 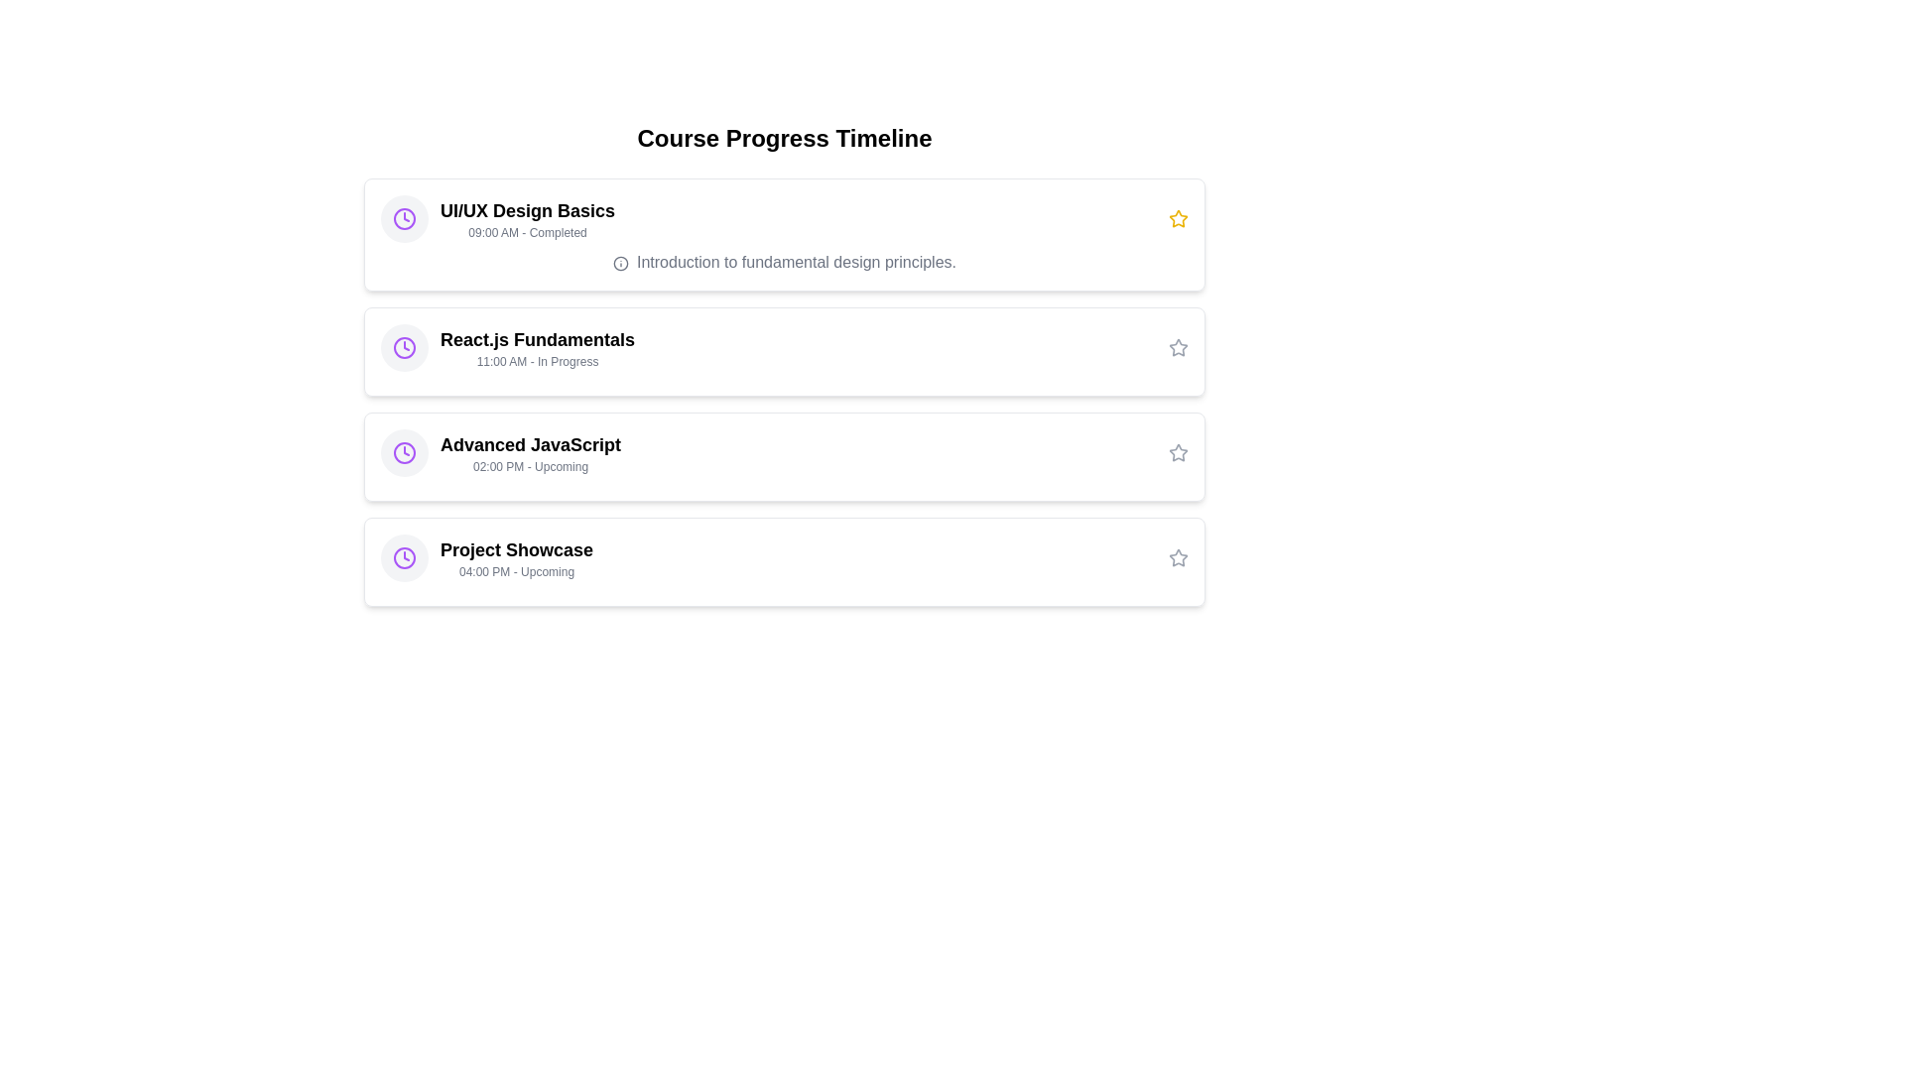 I want to click on the Schedule Item Card titled 'Advanced JavaScript', which is the third item in the 'Course Progress Timeline' list, positioned between 'React.js Fundamentals' and 'Project Showcase', so click(x=784, y=457).